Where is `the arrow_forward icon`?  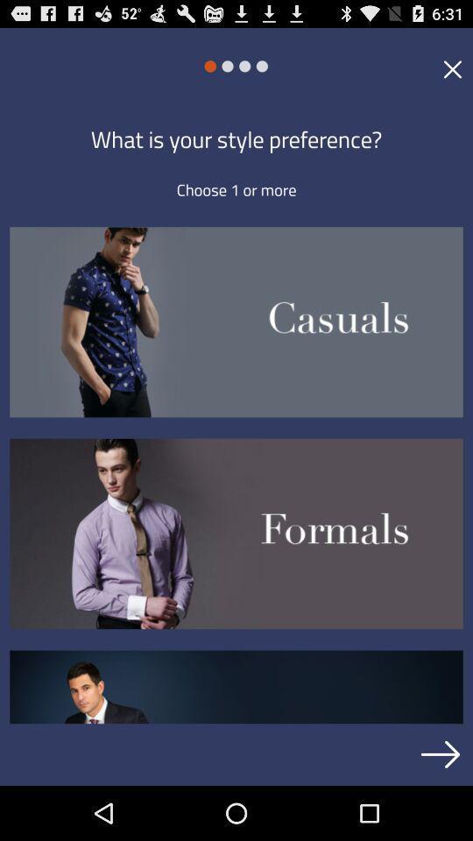 the arrow_forward icon is located at coordinates (440, 807).